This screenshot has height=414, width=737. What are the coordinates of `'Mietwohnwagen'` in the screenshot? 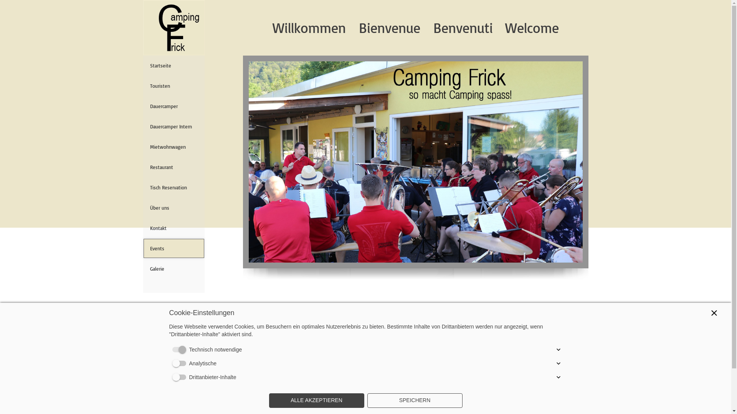 It's located at (173, 146).